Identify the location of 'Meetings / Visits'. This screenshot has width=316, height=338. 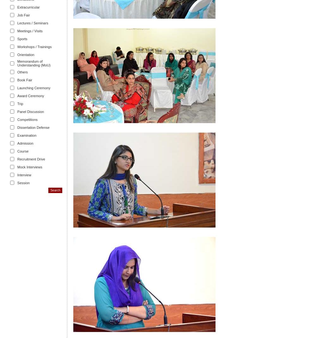
(29, 30).